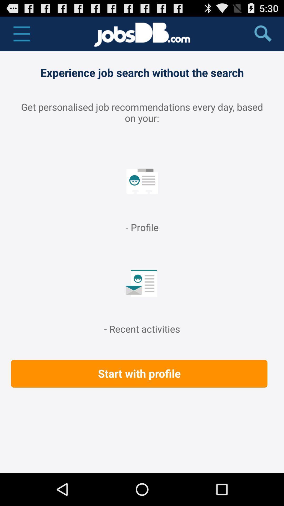  What do you see at coordinates (19, 36) in the screenshot?
I see `the menu icon` at bounding box center [19, 36].